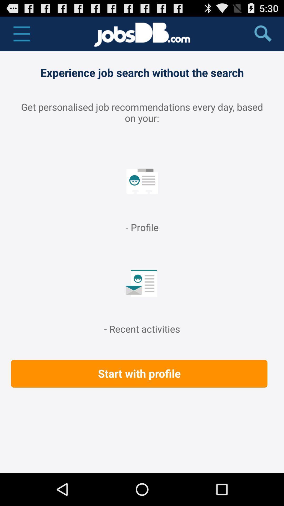  What do you see at coordinates (19, 36) in the screenshot?
I see `the menu icon` at bounding box center [19, 36].